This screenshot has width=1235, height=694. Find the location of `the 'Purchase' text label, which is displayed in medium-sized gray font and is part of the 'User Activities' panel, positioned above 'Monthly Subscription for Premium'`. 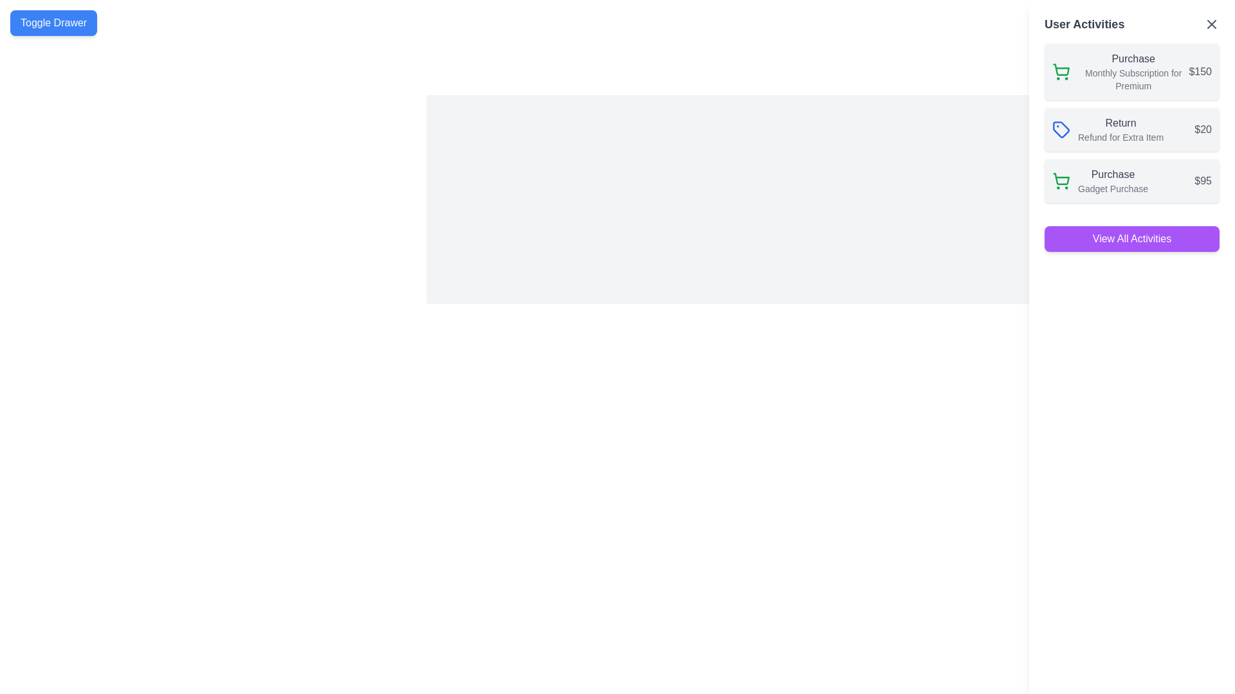

the 'Purchase' text label, which is displayed in medium-sized gray font and is part of the 'User Activities' panel, positioned above 'Monthly Subscription for Premium' is located at coordinates (1133, 59).